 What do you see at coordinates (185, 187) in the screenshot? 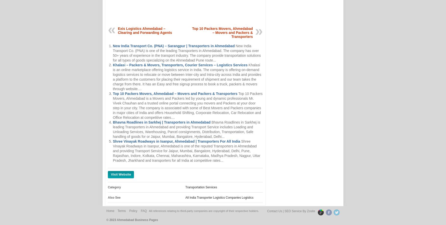
I see `'Transportation Services'` at bounding box center [185, 187].